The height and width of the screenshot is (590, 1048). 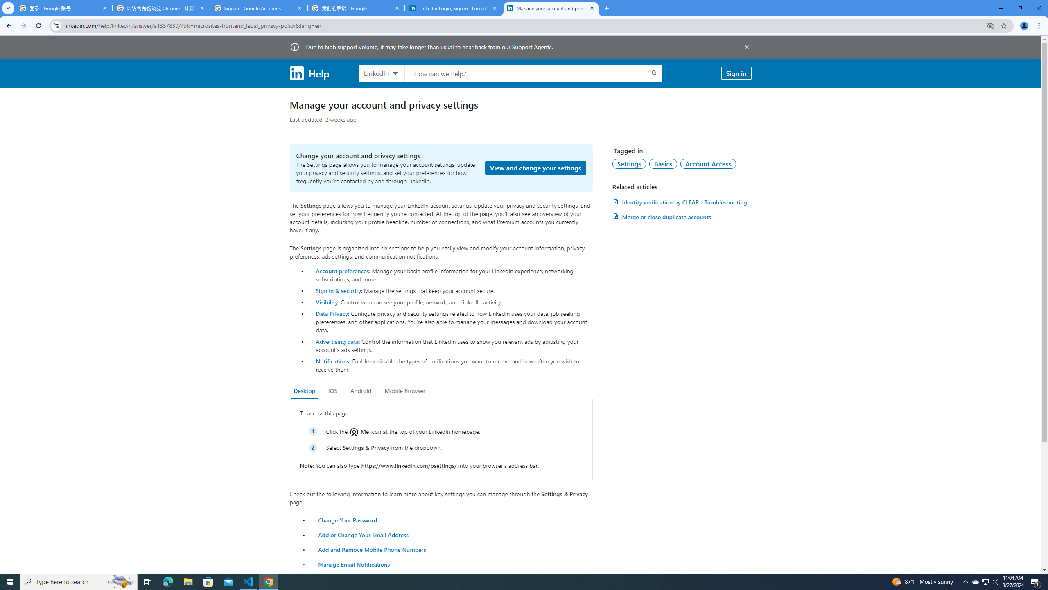 I want to click on 'Manage Email Notifications', so click(x=354, y=563).